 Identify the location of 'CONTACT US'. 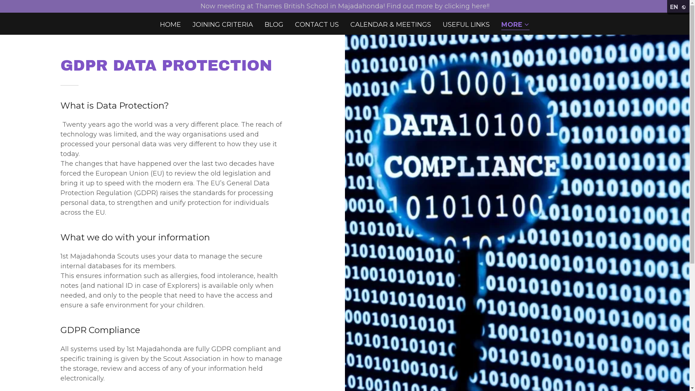
(317, 24).